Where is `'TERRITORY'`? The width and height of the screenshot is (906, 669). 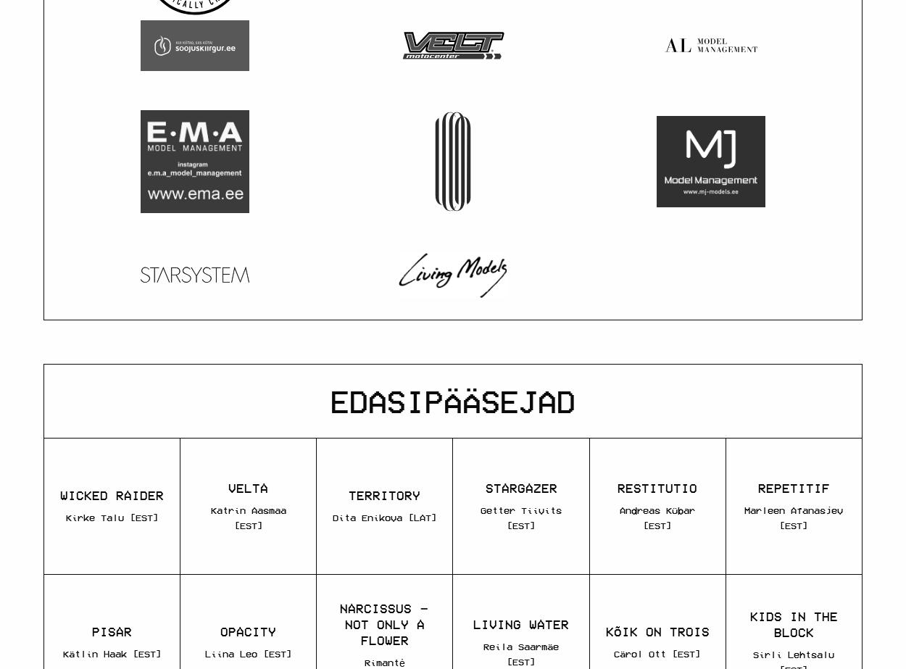
'TERRITORY' is located at coordinates (384, 494).